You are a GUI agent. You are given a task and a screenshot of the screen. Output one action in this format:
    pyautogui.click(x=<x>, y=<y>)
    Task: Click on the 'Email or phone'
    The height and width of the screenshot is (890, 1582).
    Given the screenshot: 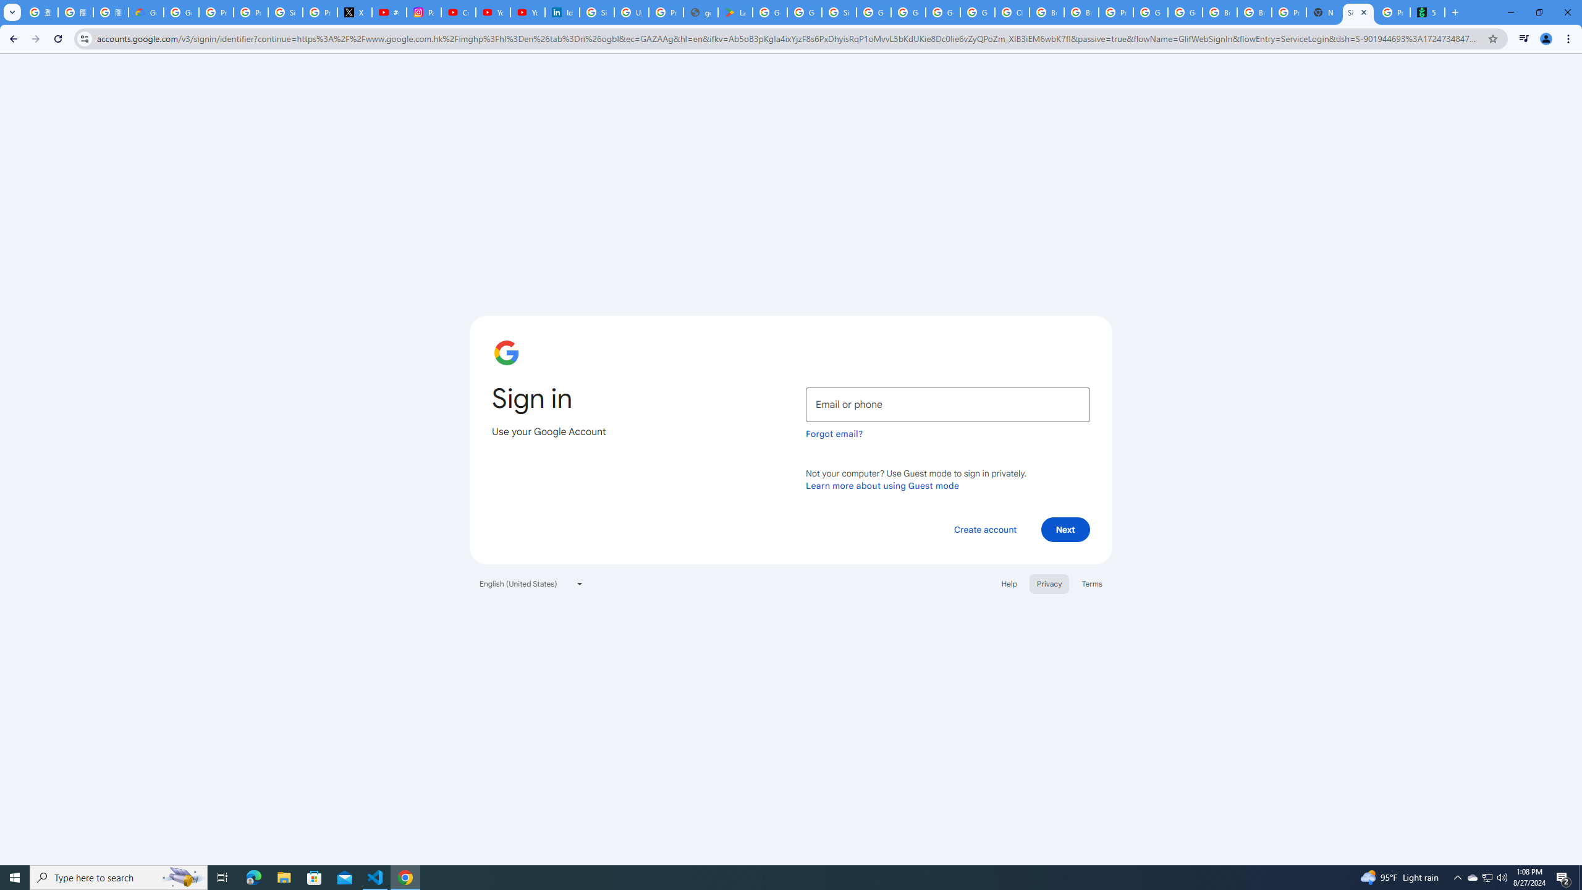 What is the action you would take?
    pyautogui.click(x=947, y=404)
    